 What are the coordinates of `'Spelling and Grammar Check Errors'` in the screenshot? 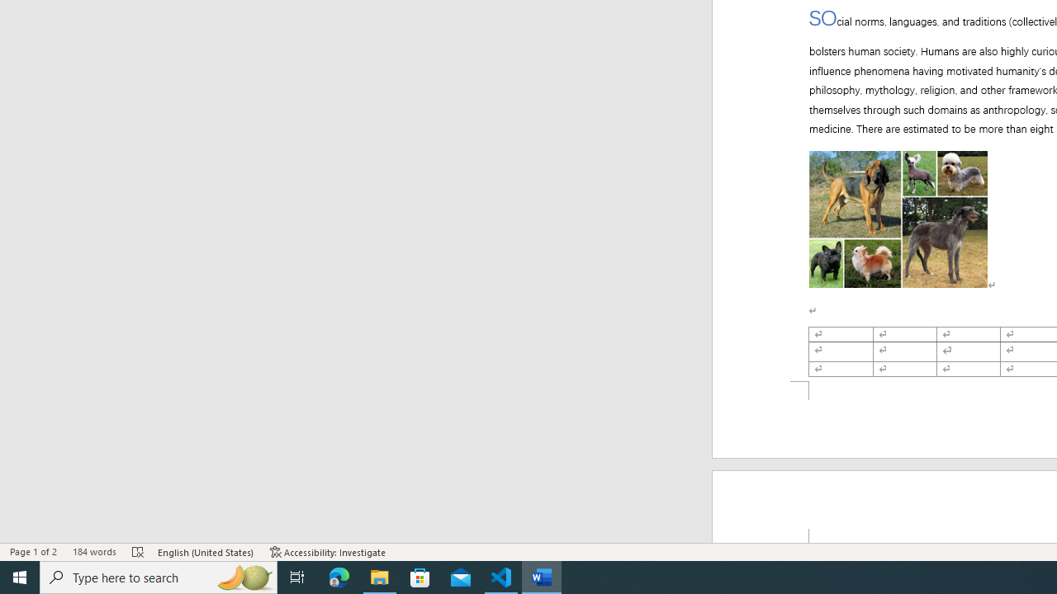 It's located at (139, 552).